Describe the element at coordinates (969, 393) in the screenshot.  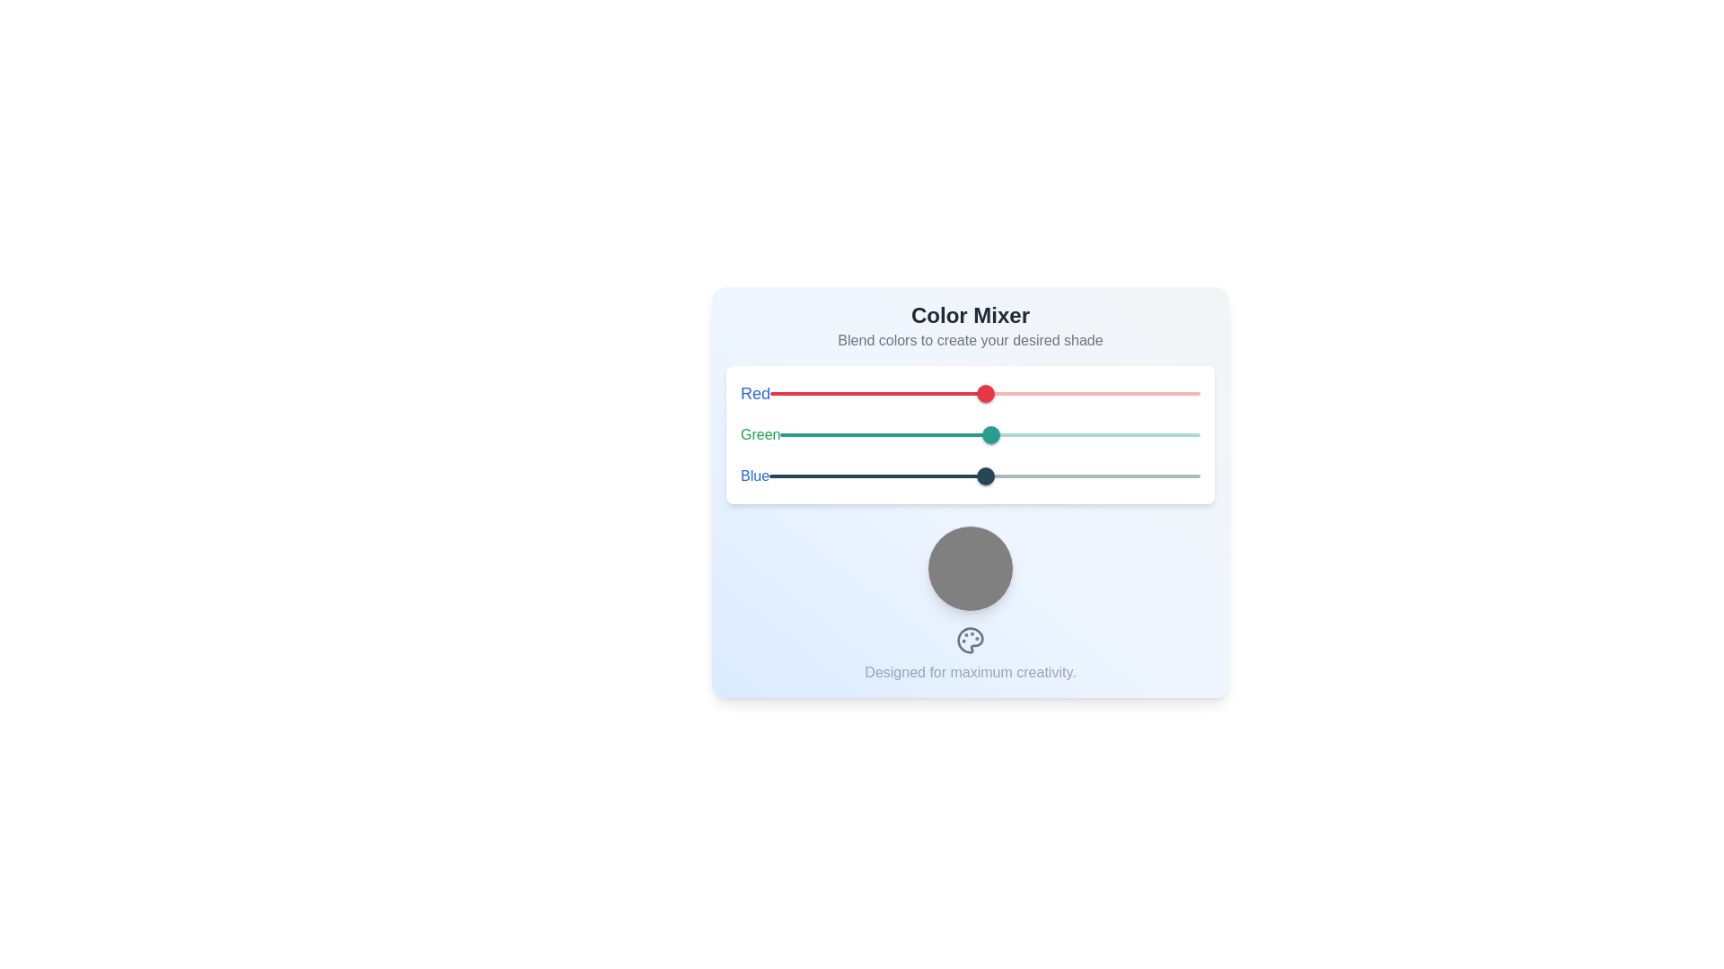
I see `the red slider that indicates a value of 128` at that location.